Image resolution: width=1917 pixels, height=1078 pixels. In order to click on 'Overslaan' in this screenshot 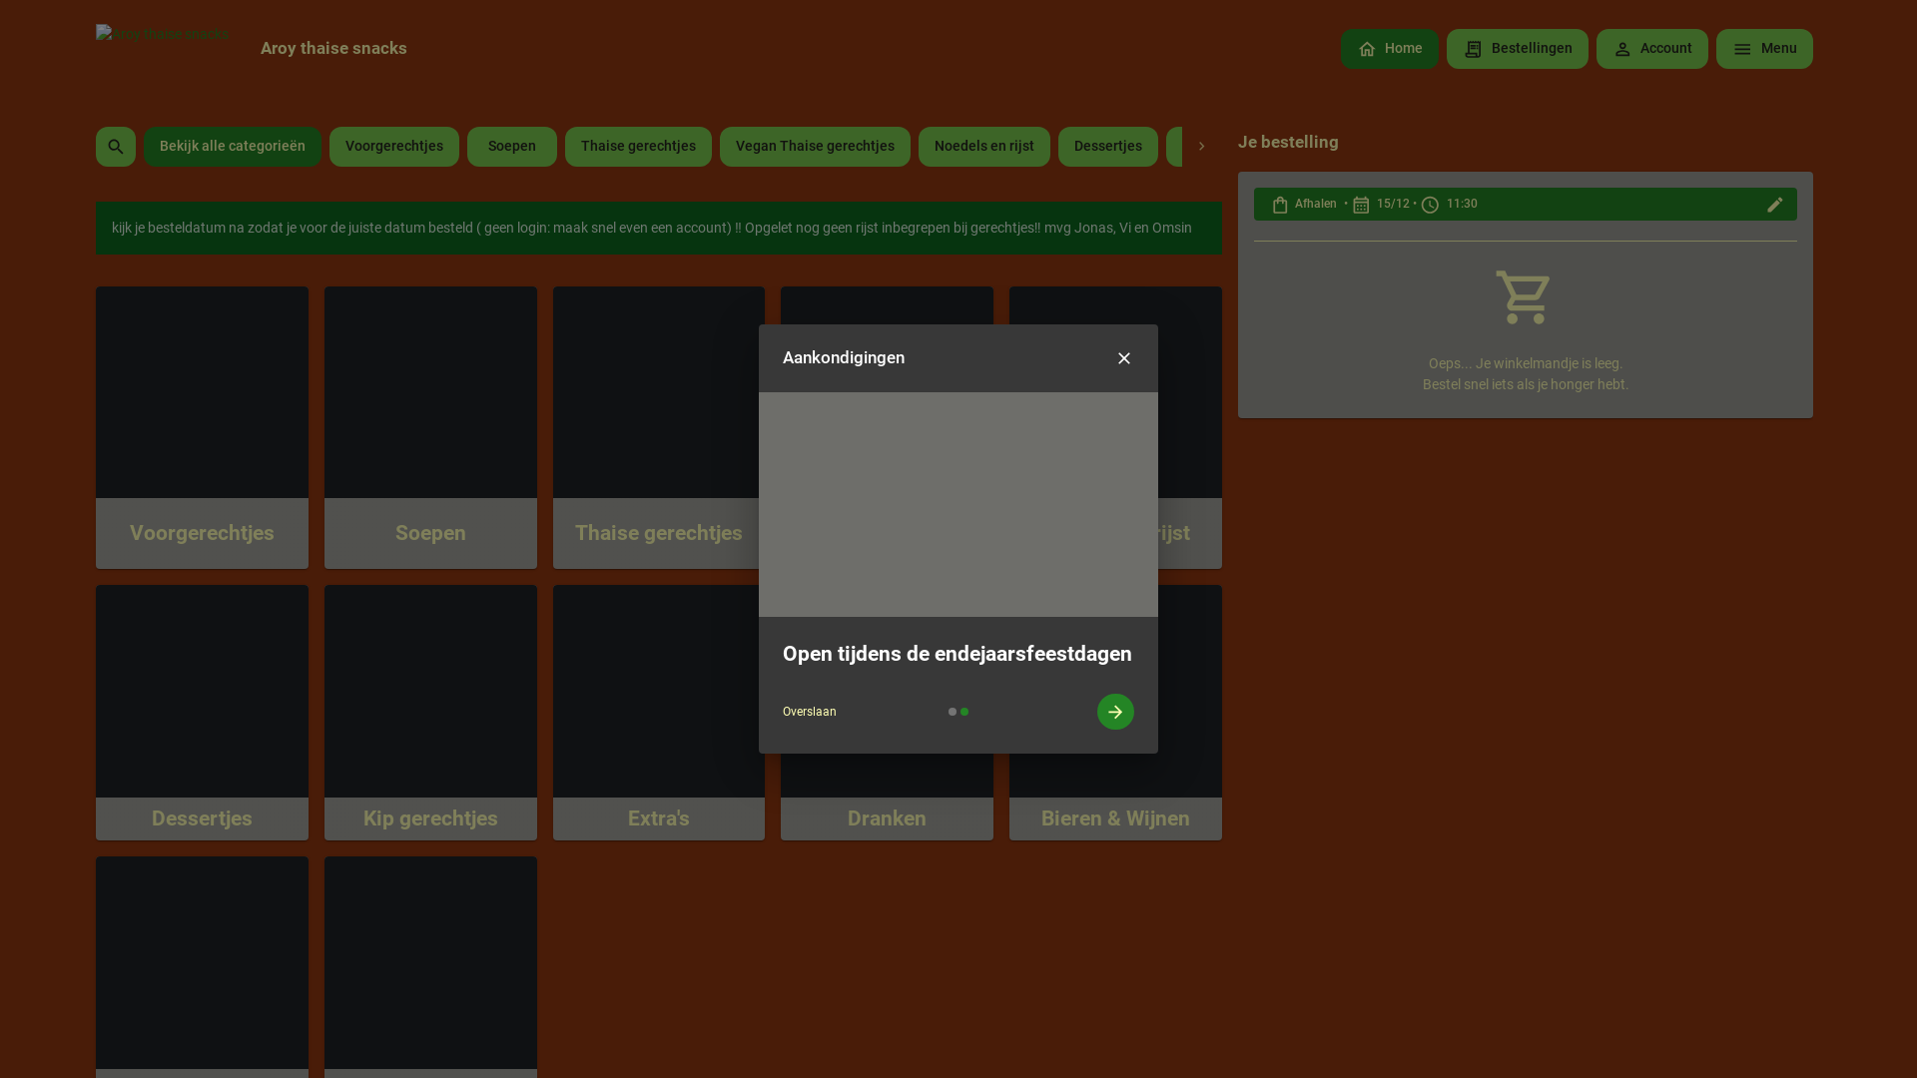, I will do `click(810, 711)`.